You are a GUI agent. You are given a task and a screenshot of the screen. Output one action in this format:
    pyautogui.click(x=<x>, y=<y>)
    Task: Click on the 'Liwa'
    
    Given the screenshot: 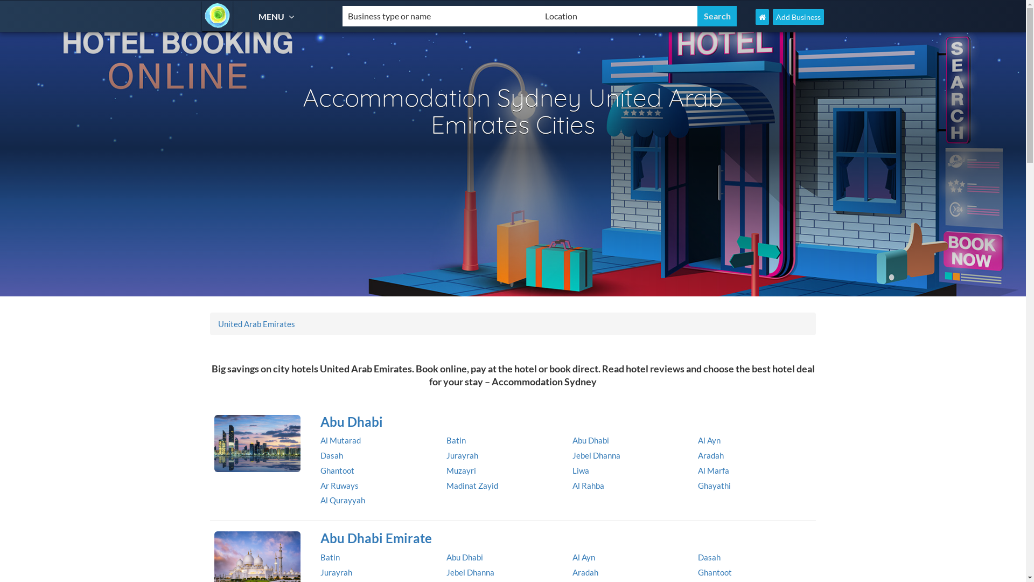 What is the action you would take?
    pyautogui.click(x=571, y=469)
    